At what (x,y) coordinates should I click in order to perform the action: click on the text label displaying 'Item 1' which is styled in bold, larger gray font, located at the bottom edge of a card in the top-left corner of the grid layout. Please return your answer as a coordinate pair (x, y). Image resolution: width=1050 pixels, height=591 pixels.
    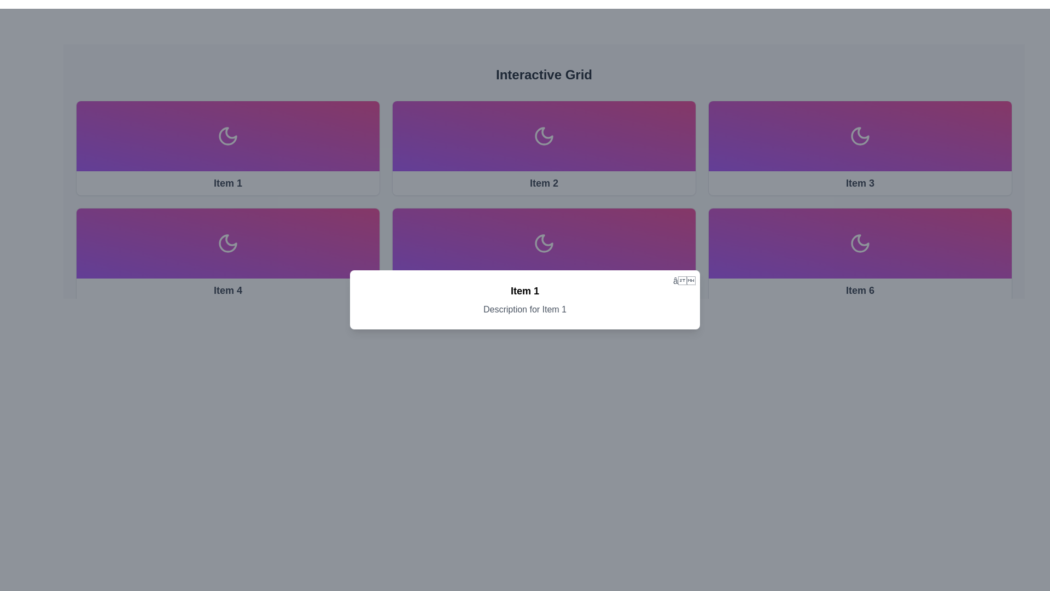
    Looking at the image, I should click on (227, 183).